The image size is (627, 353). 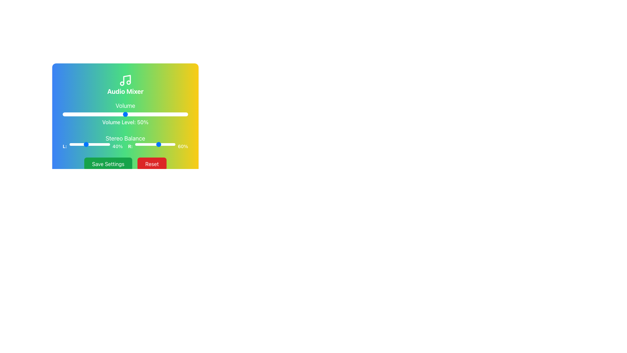 What do you see at coordinates (73, 144) in the screenshot?
I see `the slider` at bounding box center [73, 144].